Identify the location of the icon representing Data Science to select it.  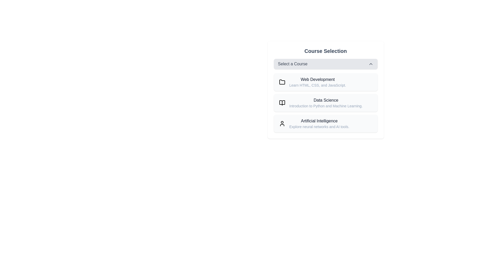
(282, 103).